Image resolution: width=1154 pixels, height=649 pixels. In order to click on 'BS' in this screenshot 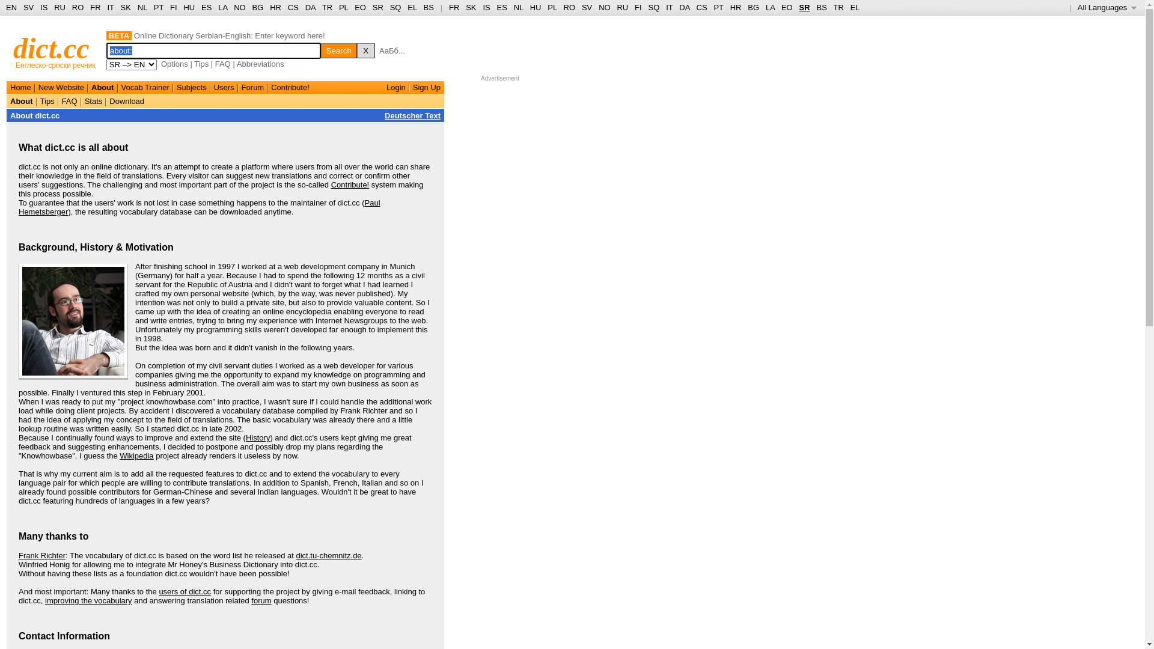, I will do `click(429, 7)`.